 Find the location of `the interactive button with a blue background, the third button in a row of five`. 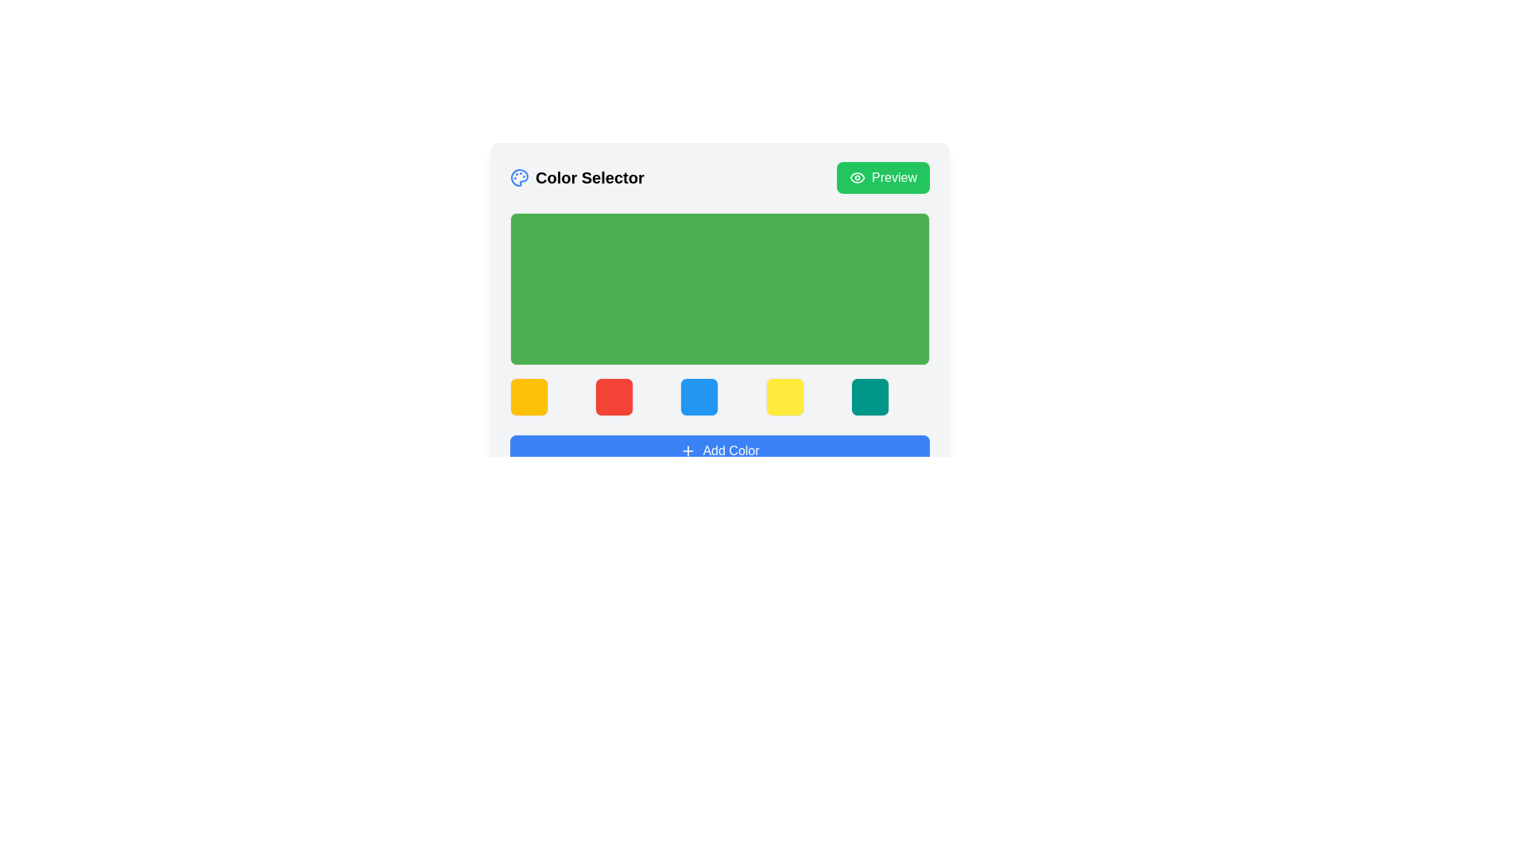

the interactive button with a blue background, the third button in a row of five is located at coordinates (719, 396).